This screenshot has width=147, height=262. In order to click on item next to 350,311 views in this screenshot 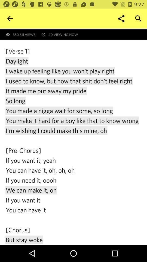, I will do `click(121, 19)`.